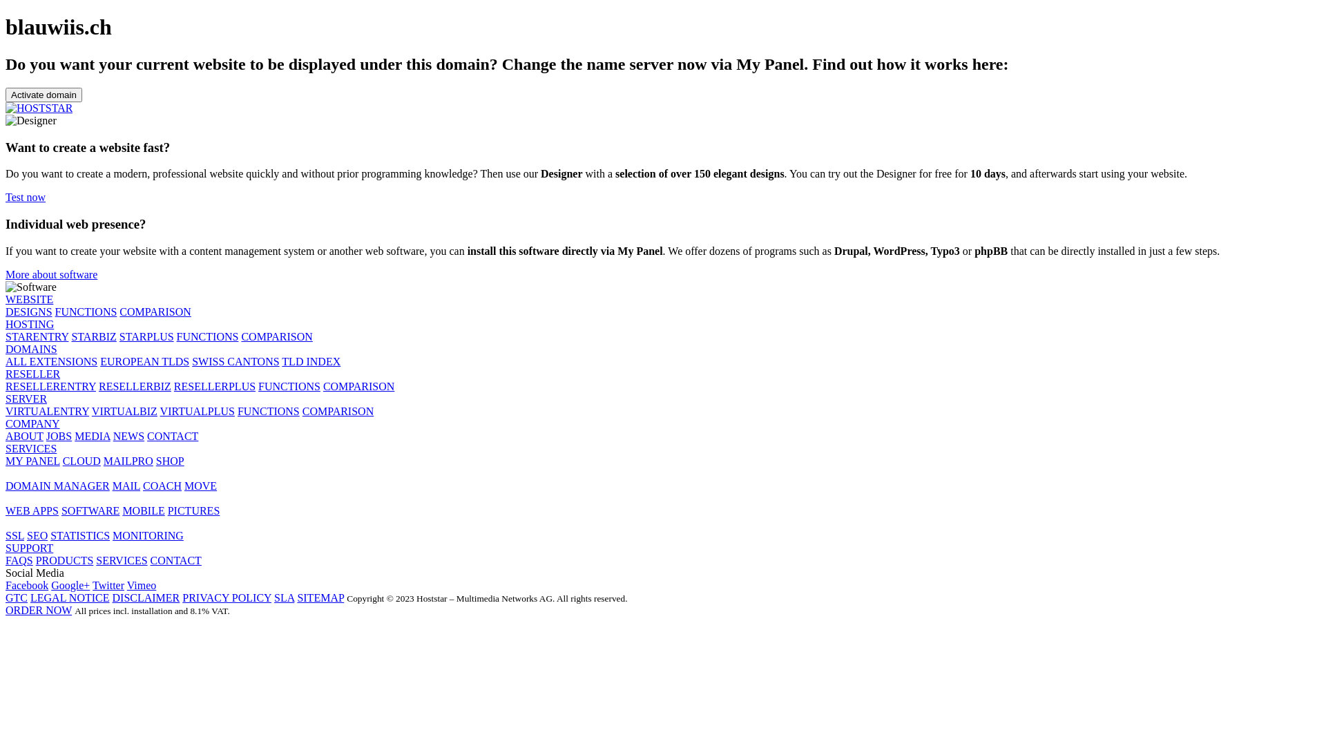 This screenshot has width=1326, height=746. I want to click on 'STARENTRY', so click(6, 336).